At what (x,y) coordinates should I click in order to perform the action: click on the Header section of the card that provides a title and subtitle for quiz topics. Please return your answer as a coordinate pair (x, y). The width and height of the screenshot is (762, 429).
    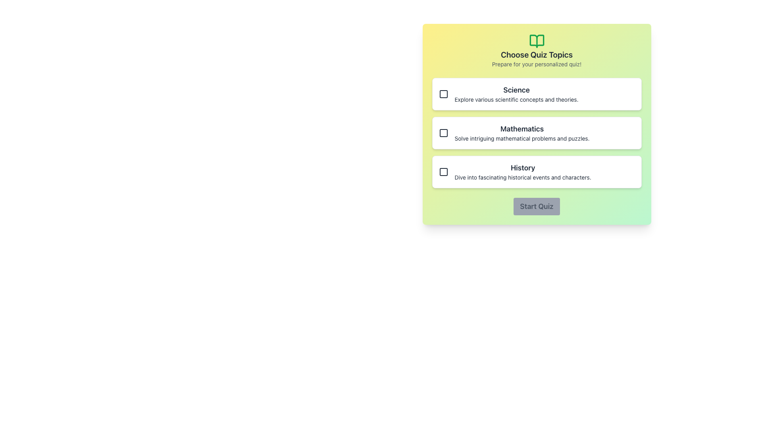
    Looking at the image, I should click on (537, 50).